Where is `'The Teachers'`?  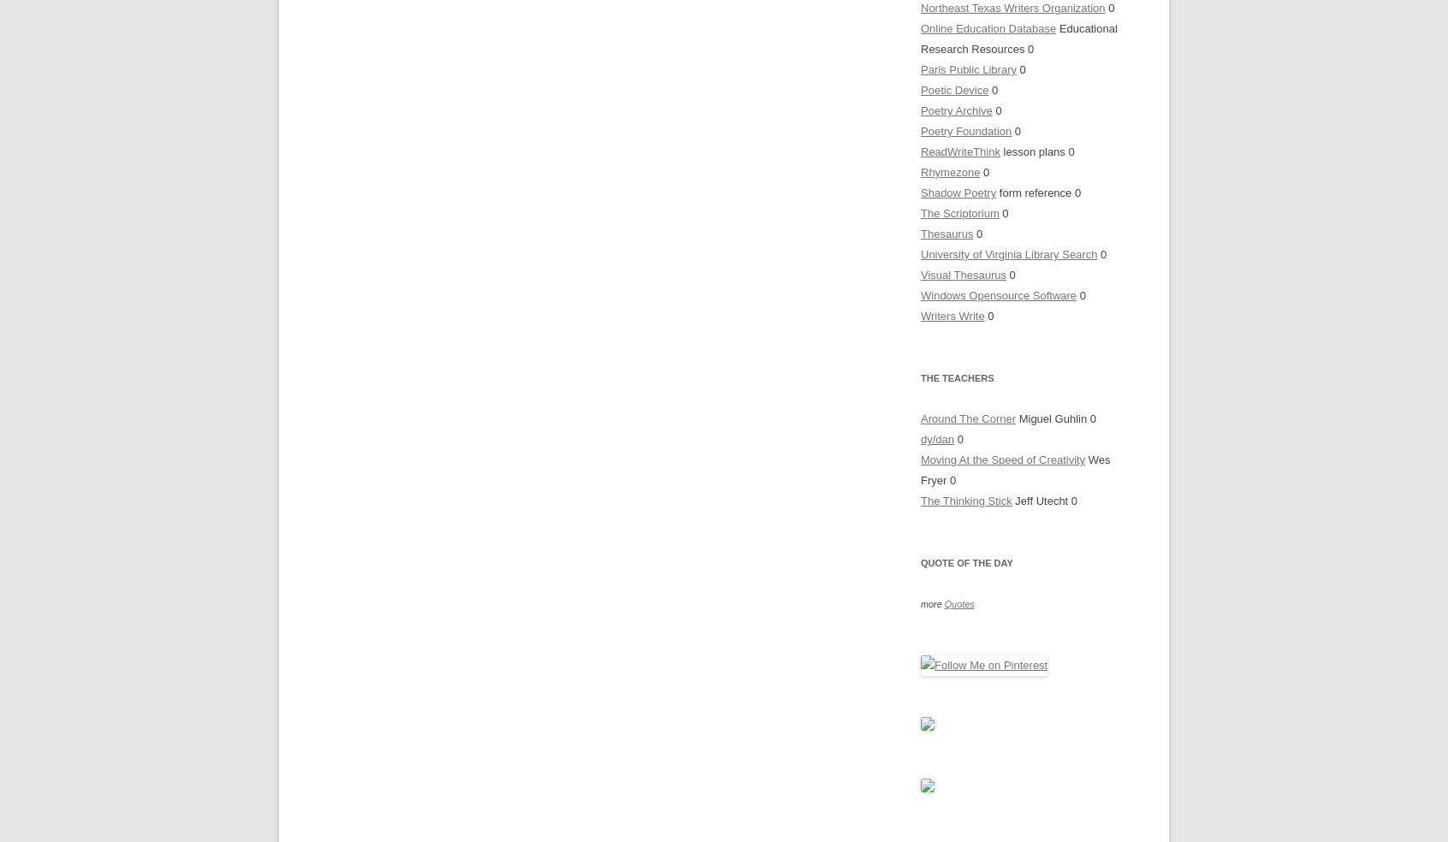 'The Teachers' is located at coordinates (957, 378).